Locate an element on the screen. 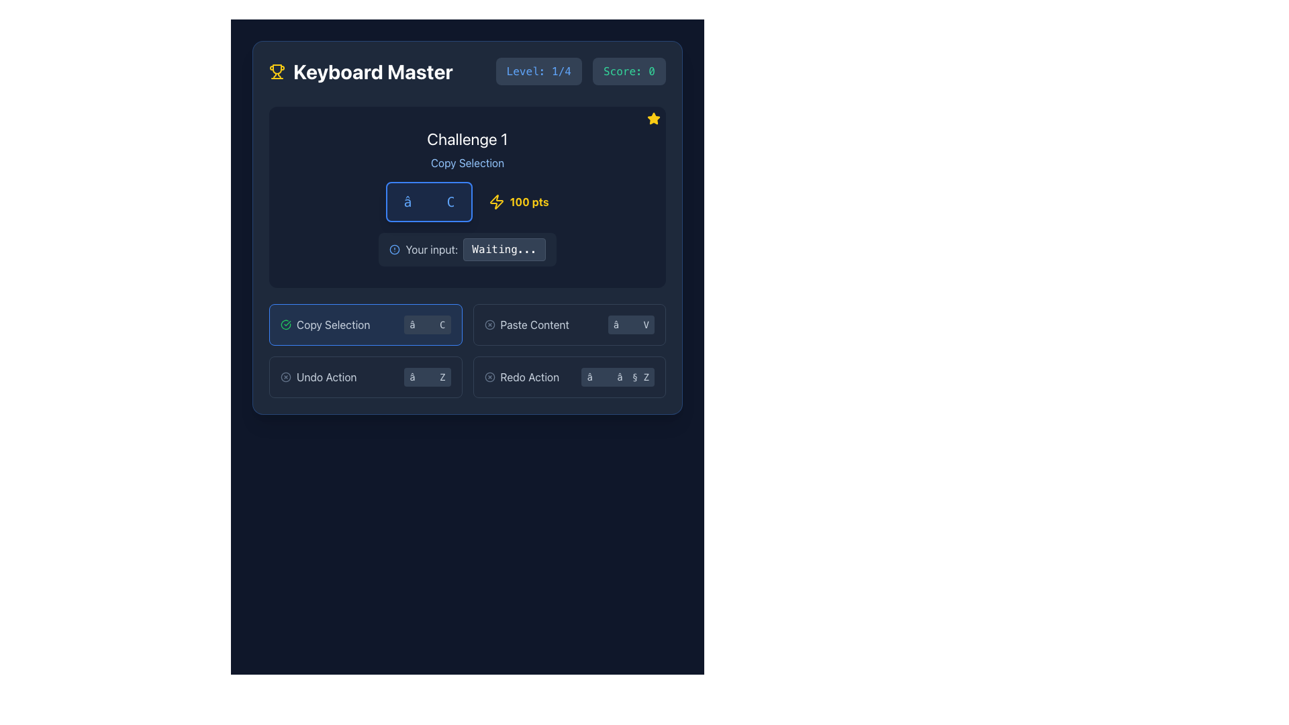 The height and width of the screenshot is (725, 1289). the star-shaped icon filled with yellow color located in the top-right corner of the game interface, adjacent to the score panel is located at coordinates (654, 117).